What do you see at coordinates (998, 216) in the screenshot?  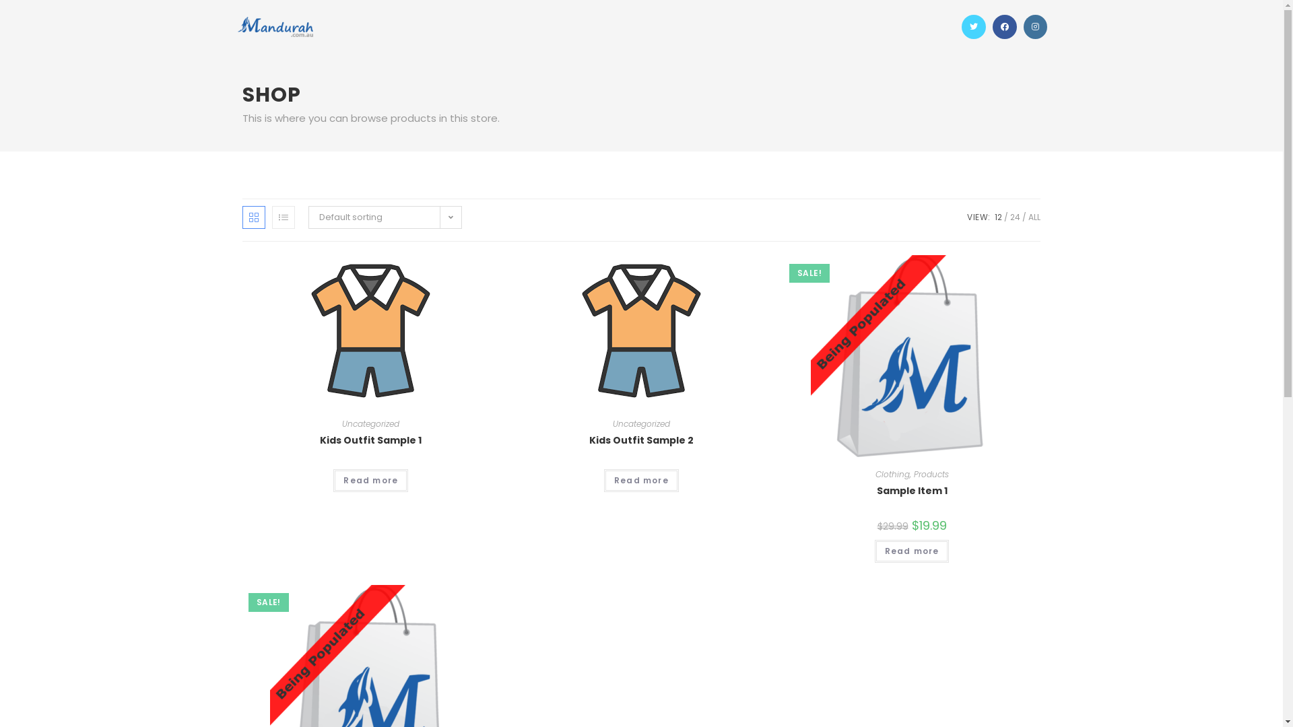 I see `'12'` at bounding box center [998, 216].